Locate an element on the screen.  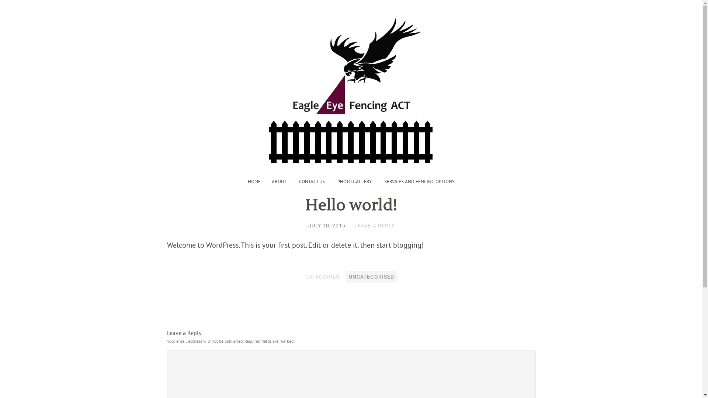
'ABOUT' is located at coordinates (279, 181).